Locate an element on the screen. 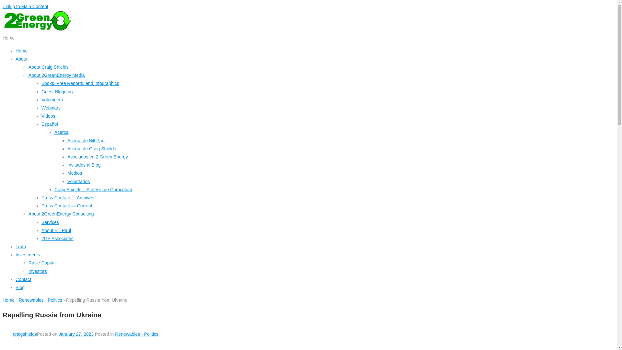 The height and width of the screenshot is (350, 622). 'Home' is located at coordinates (8, 300).